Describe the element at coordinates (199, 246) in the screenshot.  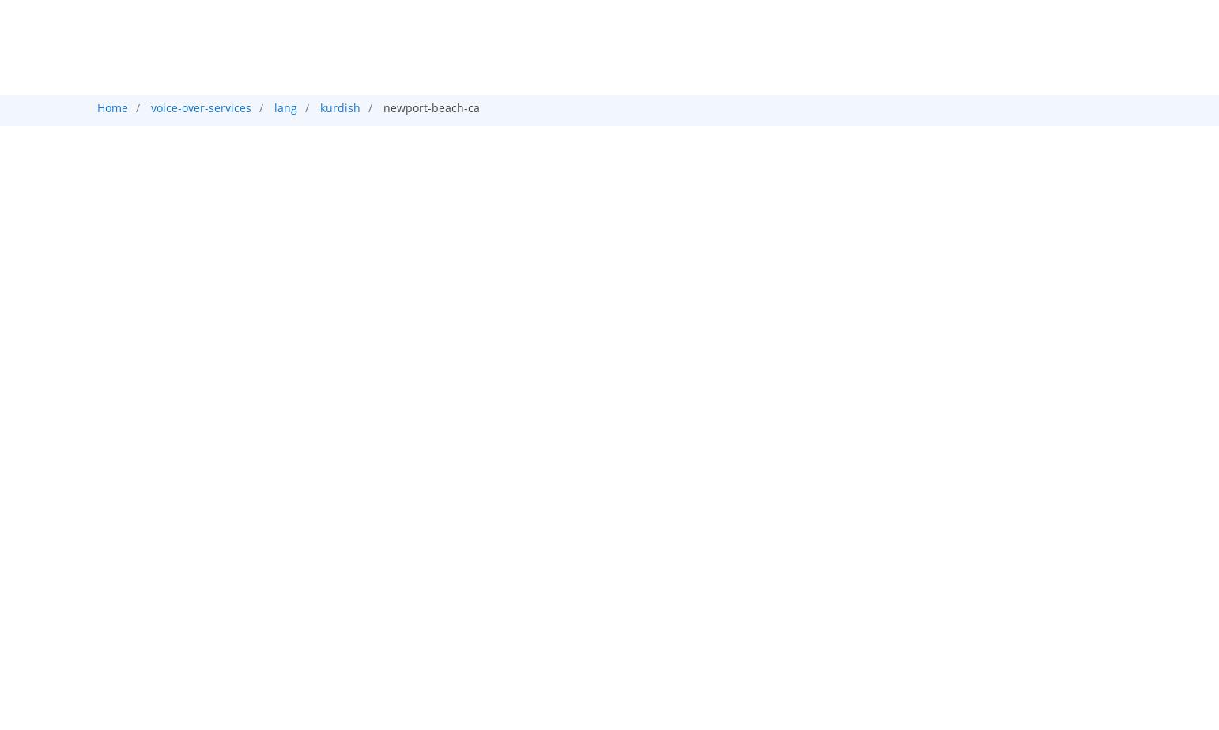
I see `'kazakh'` at that location.